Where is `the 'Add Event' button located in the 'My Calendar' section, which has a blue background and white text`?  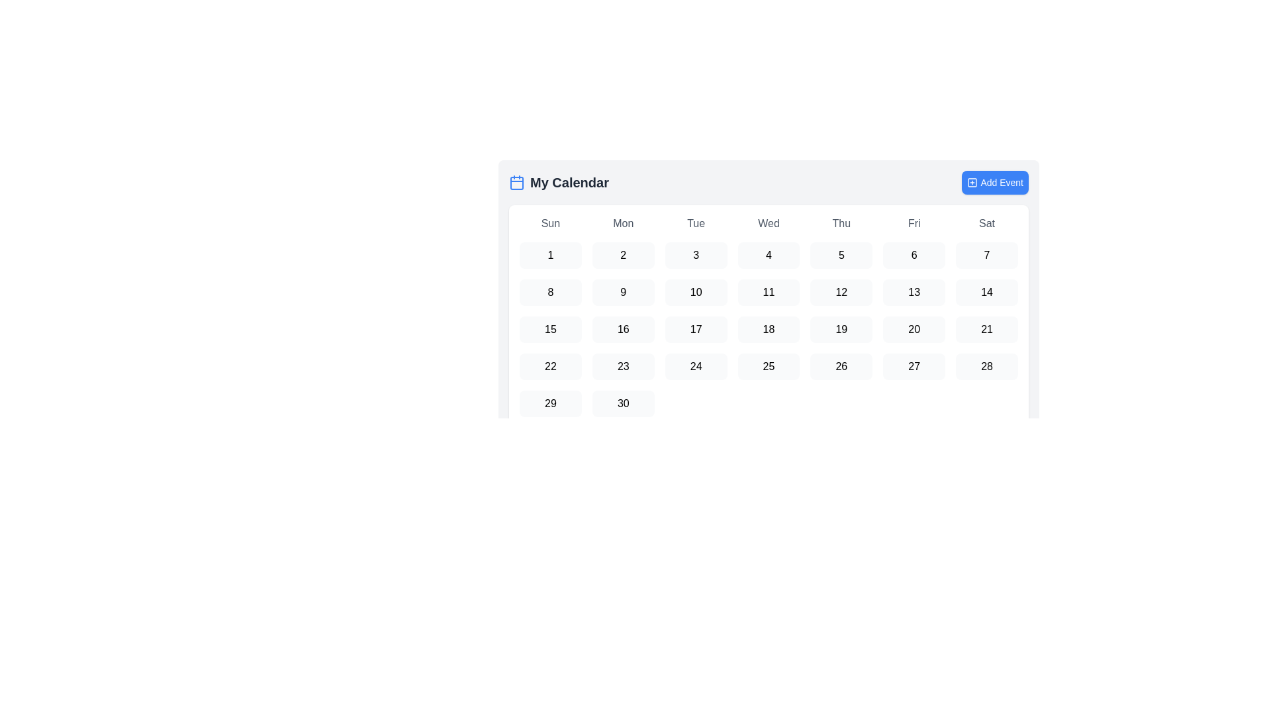
the 'Add Event' button located in the 'My Calendar' section, which has a blue background and white text is located at coordinates (995, 183).